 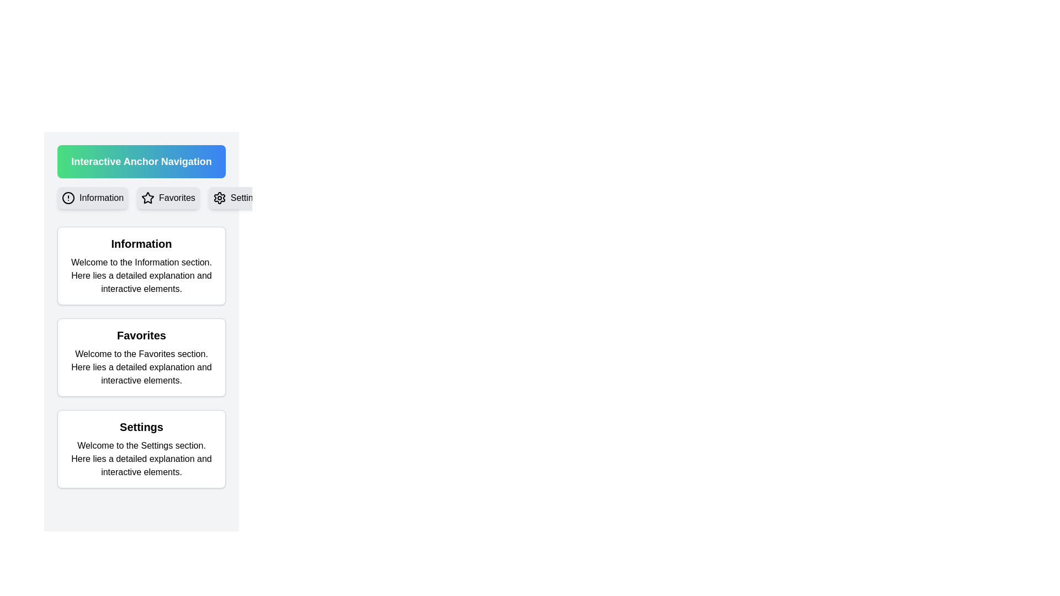 I want to click on the Text Display element that contains the text 'Welcome to the Favorites section. Here lies a detailed explanation and interactive elements.', so click(x=141, y=368).